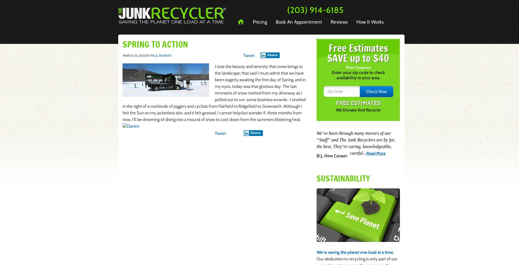 The height and width of the screenshot is (265, 519). What do you see at coordinates (319, 156) in the screenshot?
I see `'D J.'` at bounding box center [319, 156].